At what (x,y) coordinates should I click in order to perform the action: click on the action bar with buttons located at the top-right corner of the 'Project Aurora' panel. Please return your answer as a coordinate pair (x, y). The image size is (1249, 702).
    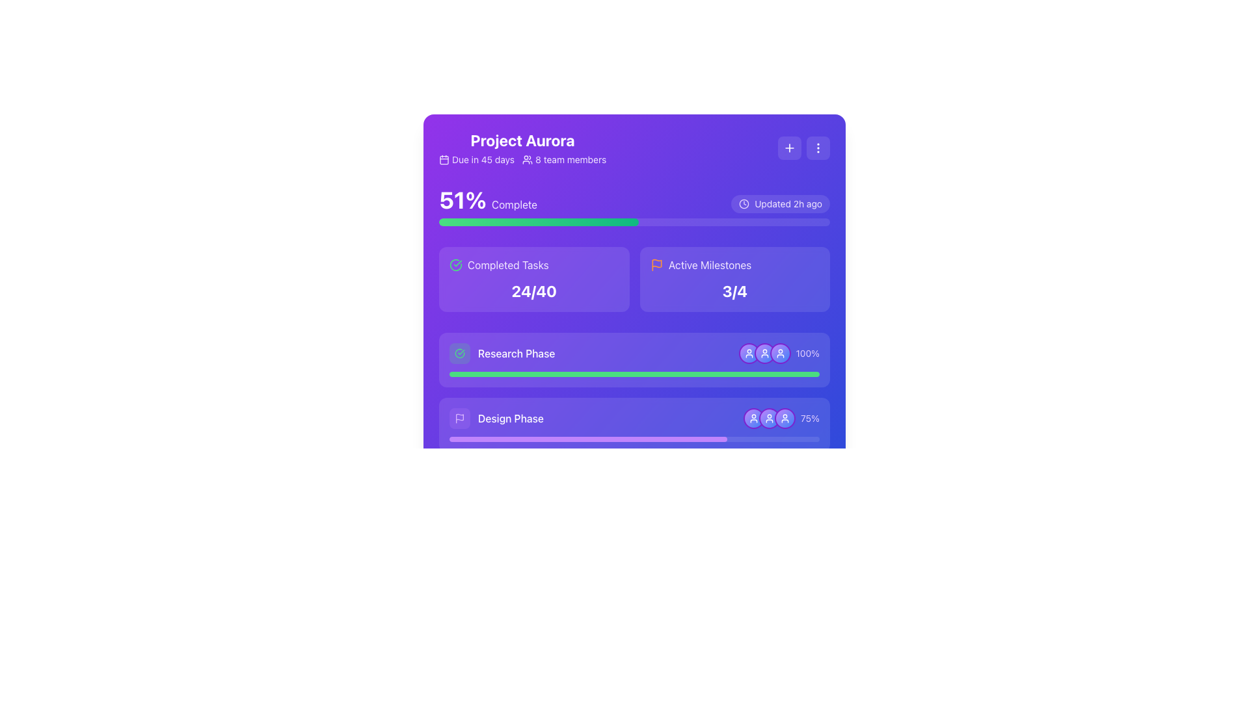
    Looking at the image, I should click on (803, 147).